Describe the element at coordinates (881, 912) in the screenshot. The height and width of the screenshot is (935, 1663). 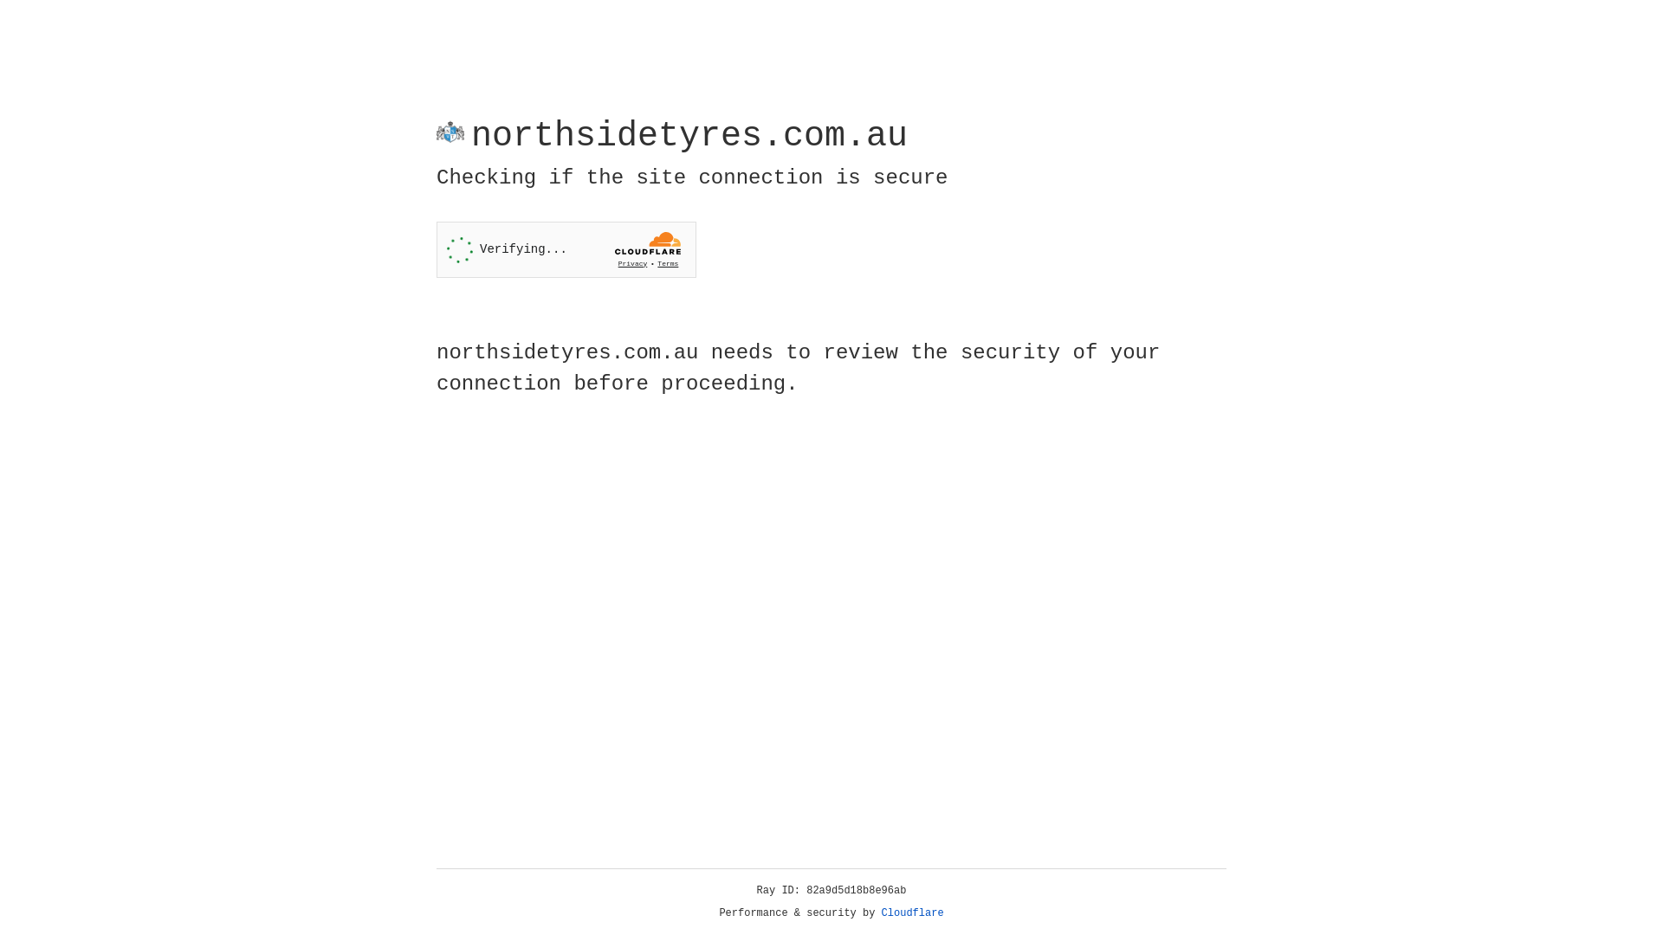
I see `'Cloudflare'` at that location.